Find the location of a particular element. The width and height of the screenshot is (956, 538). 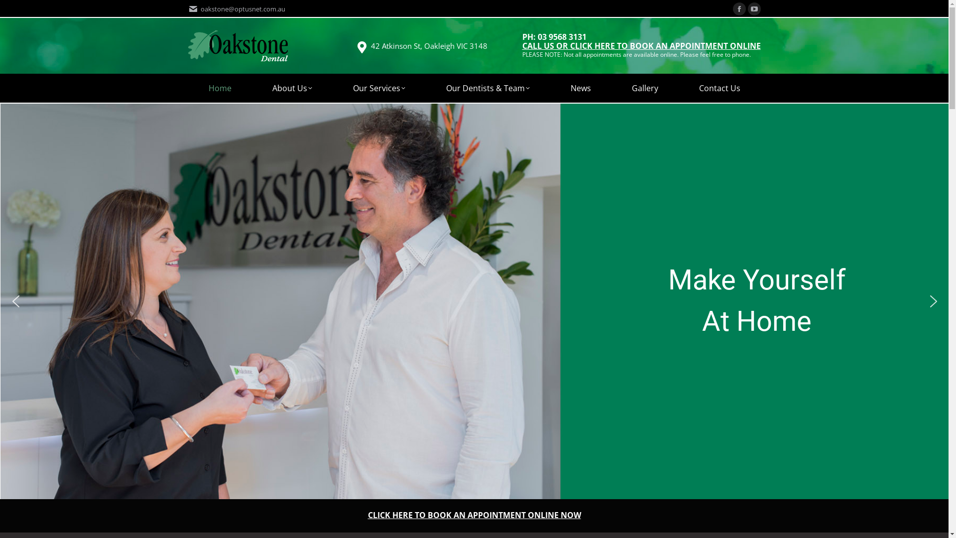

'Home' is located at coordinates (219, 88).